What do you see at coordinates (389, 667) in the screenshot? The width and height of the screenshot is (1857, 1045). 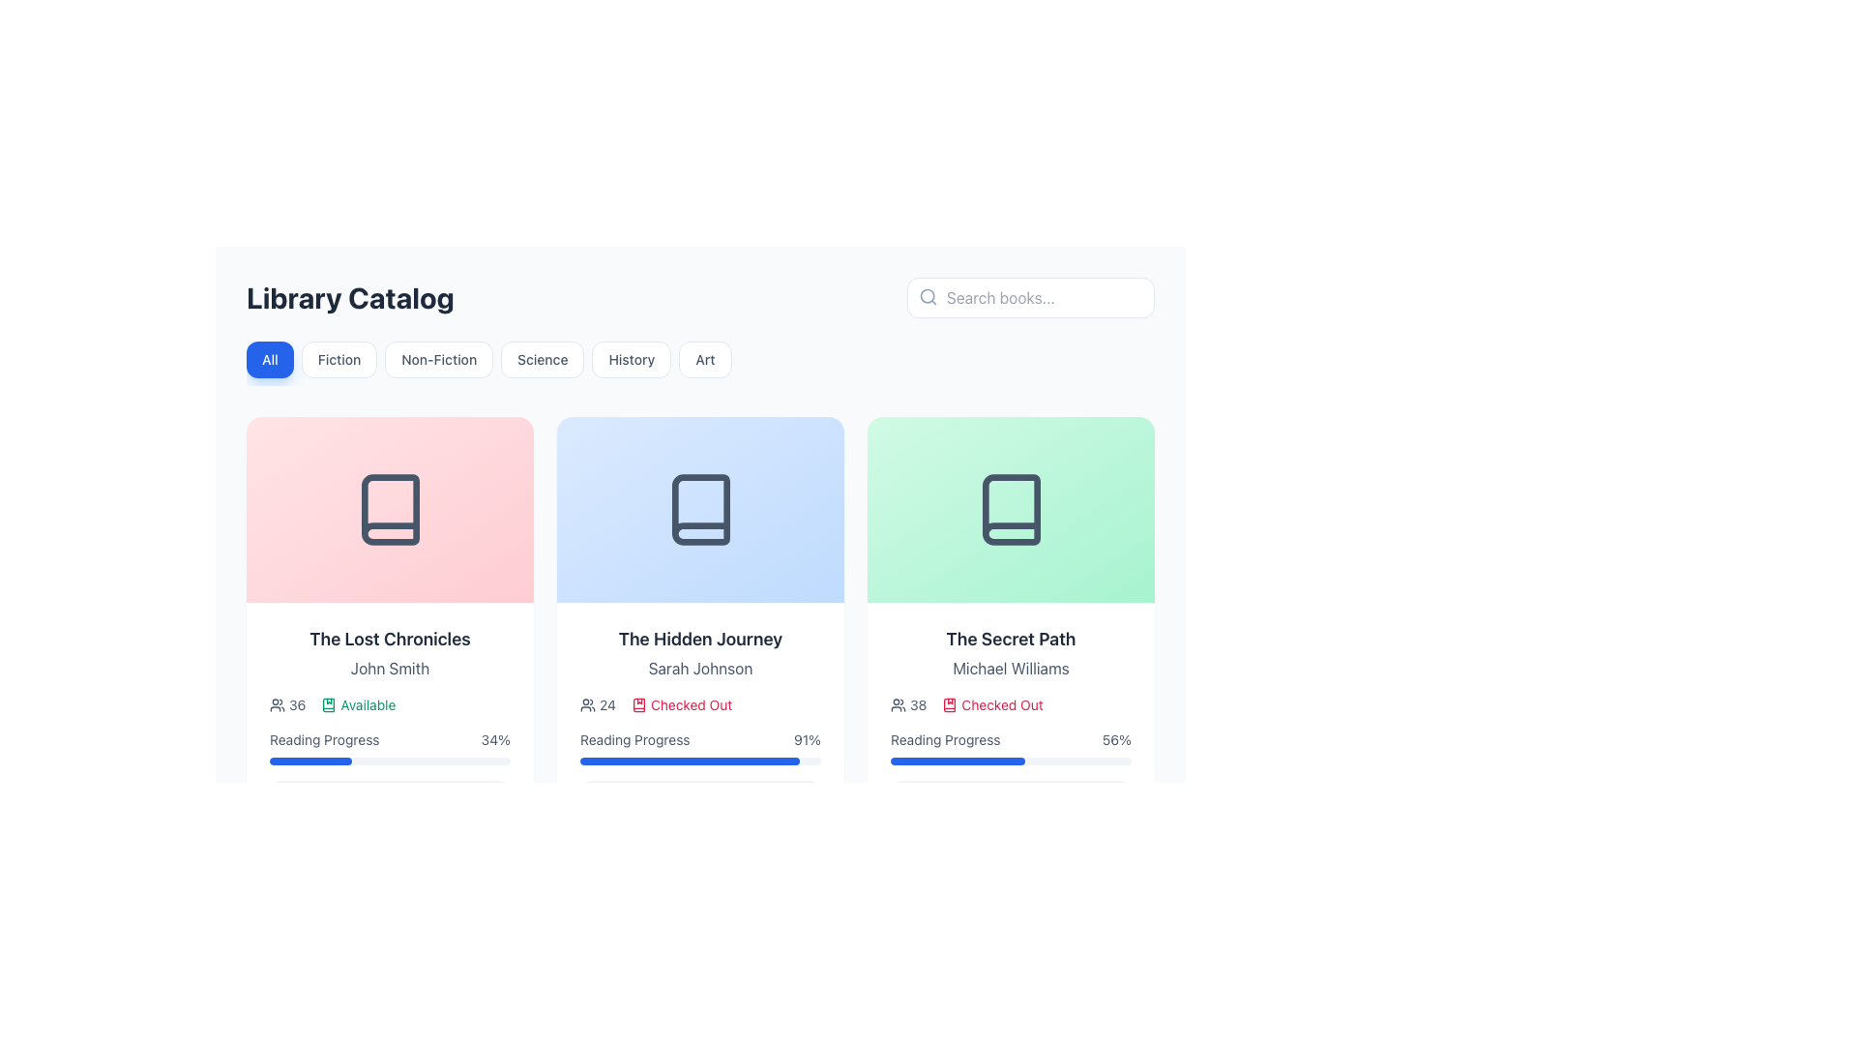 I see `the text element that displays 'John Smith,' which is styled in a muted slate-gray font and located beneath the title 'The Lost Chronicles' in the leftmost card of the grid` at bounding box center [389, 667].